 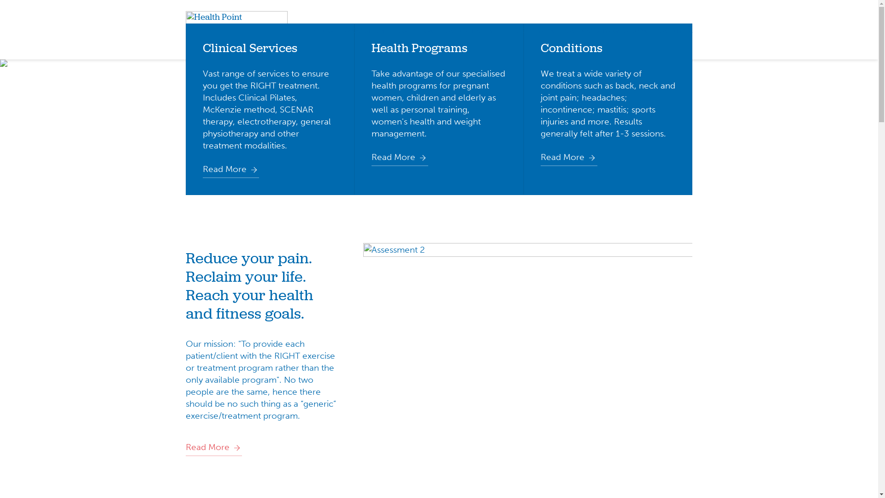 I want to click on 'About Us', so click(x=364, y=29).